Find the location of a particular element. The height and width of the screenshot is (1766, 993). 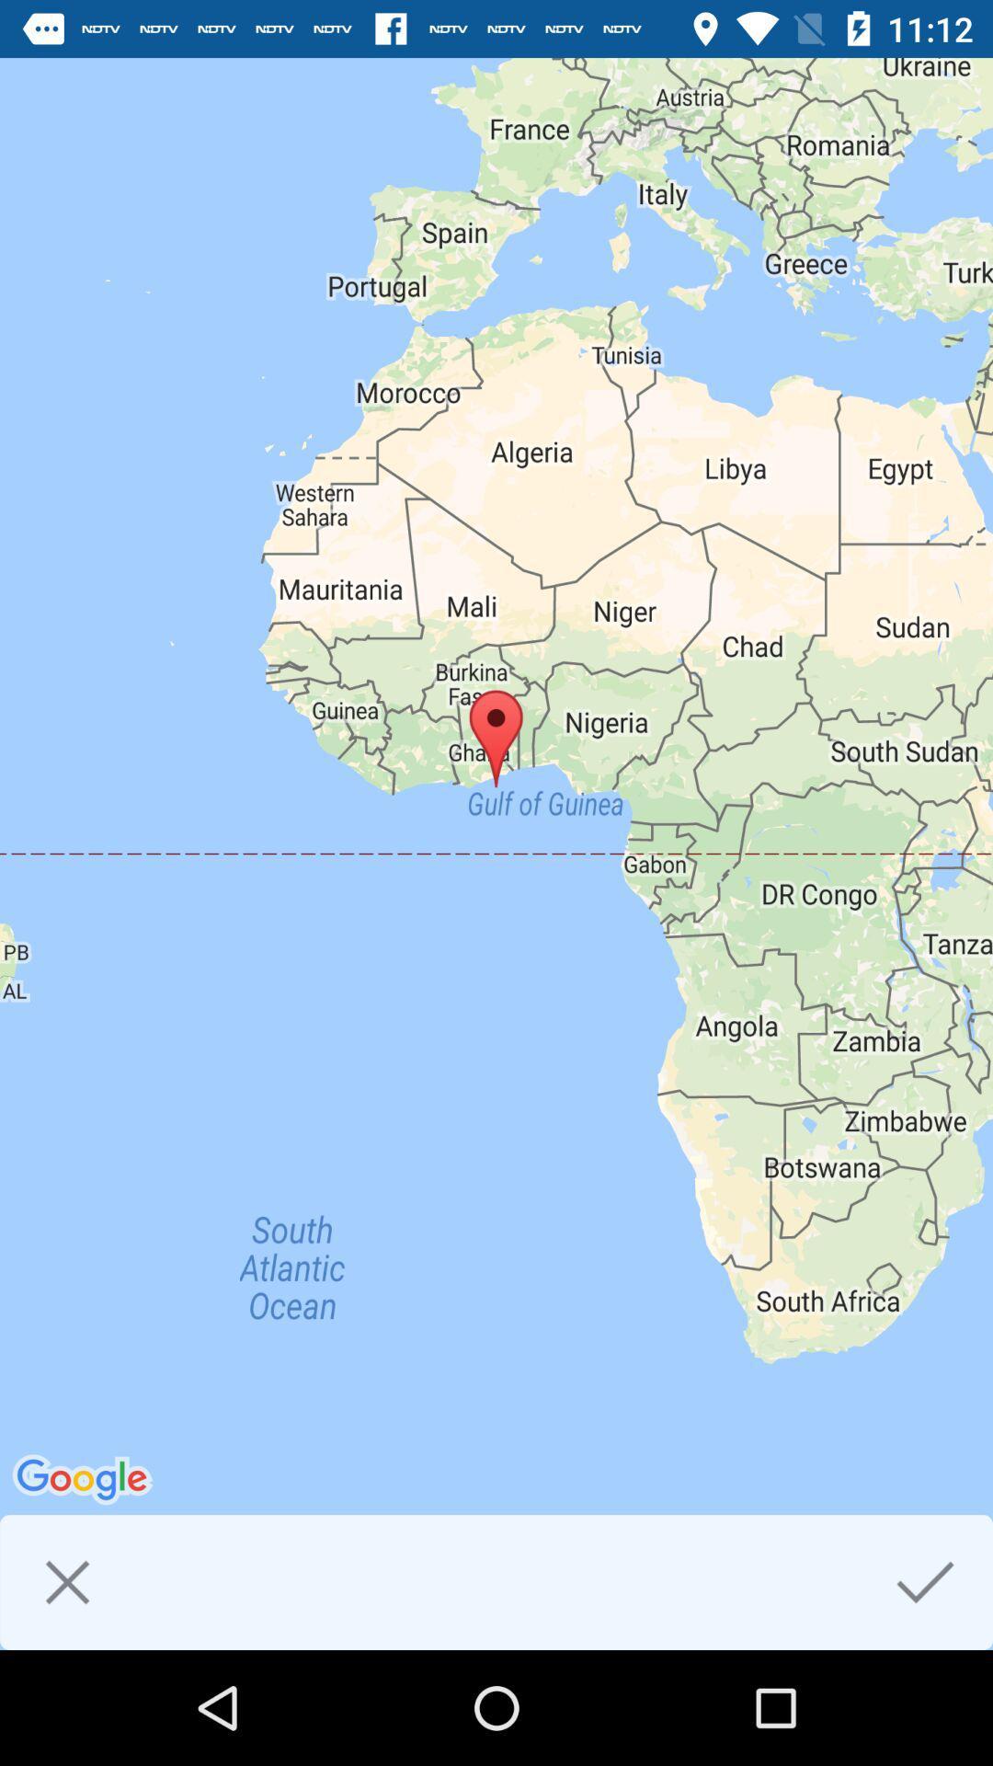

the icon at the bottom right corner is located at coordinates (925, 1581).